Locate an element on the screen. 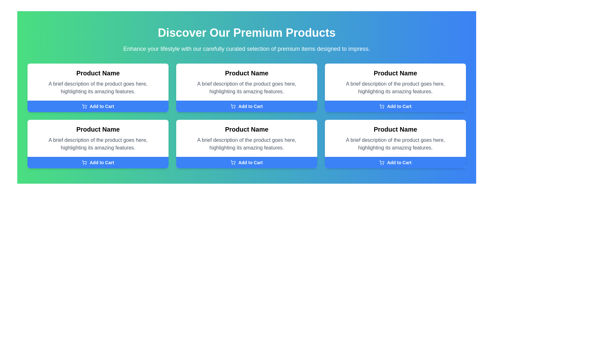  the static text label with gray font that provides a brief description of the product, positioned below the product name 'Product Name' and above the blue 'Add to Cart' button is located at coordinates (395, 88).